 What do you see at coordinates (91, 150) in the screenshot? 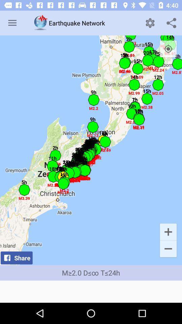
I see `the icon above the m 2 0` at bounding box center [91, 150].